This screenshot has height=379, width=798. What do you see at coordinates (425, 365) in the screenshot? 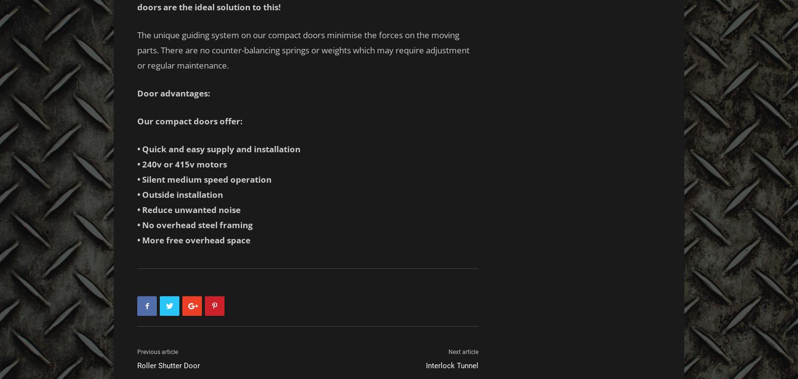
I see `'Interlock Tunnel'` at bounding box center [425, 365].